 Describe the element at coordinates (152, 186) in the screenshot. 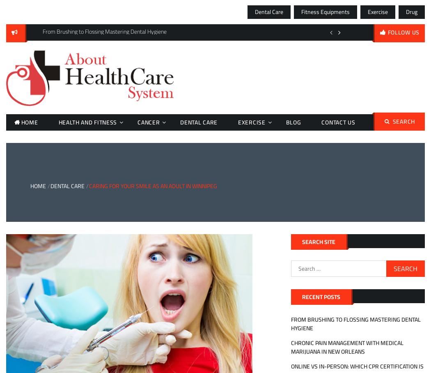

I see `'Caring for Your Smile as an Adult in Winnipeg'` at that location.